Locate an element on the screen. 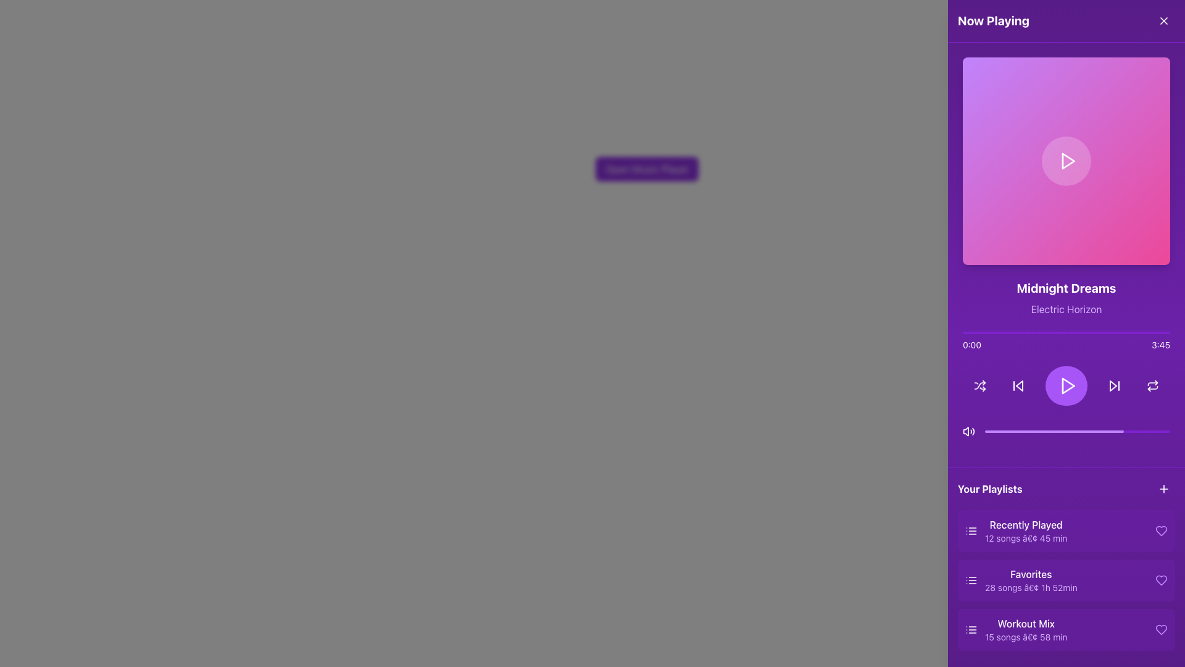 This screenshot has height=667, width=1185. the first playlist entry in the 'Your Playlists' section is located at coordinates (1025, 531).